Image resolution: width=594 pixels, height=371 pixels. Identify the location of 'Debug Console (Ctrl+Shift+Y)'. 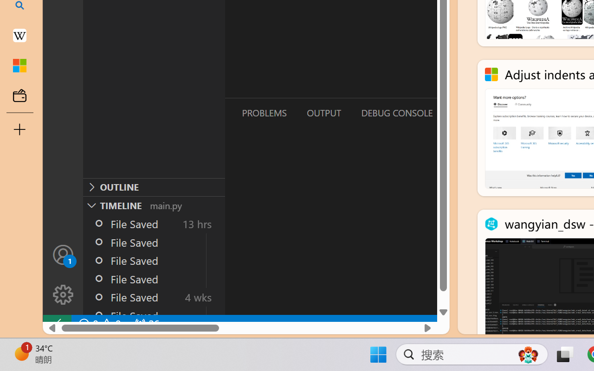
(396, 112).